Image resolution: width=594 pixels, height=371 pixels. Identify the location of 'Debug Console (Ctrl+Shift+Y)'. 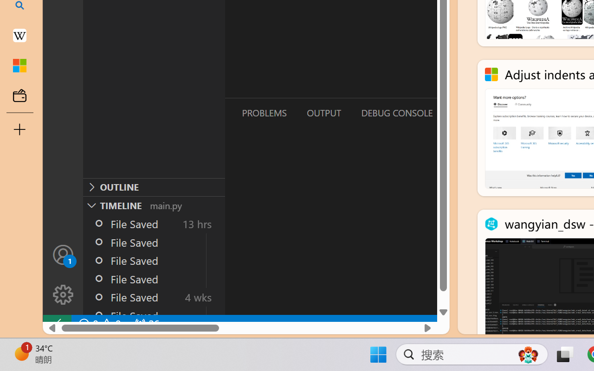
(396, 112).